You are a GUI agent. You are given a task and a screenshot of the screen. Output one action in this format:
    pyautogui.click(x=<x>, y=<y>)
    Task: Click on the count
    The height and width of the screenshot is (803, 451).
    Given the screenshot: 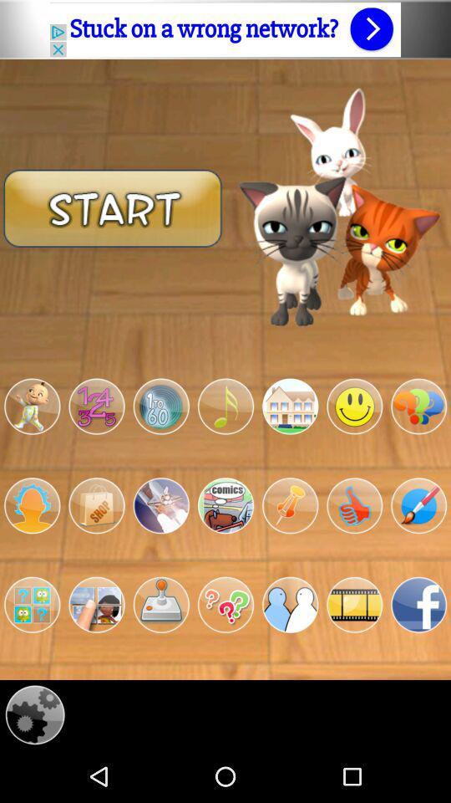 What is the action you would take?
    pyautogui.click(x=96, y=406)
    